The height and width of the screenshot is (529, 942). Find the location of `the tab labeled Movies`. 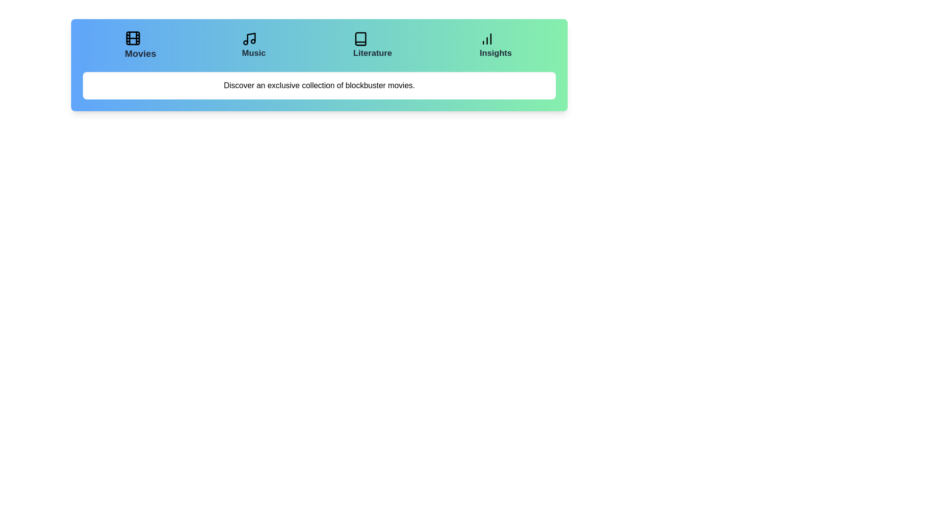

the tab labeled Movies is located at coordinates (140, 45).